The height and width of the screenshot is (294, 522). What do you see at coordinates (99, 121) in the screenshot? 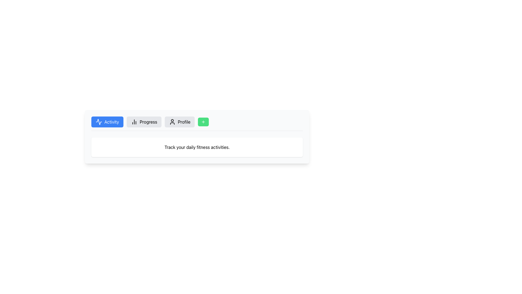
I see `the 'Activity' icon located in the navigation bar at the top of the visible panel, which symbolizes fitness or activity tracking` at bounding box center [99, 121].